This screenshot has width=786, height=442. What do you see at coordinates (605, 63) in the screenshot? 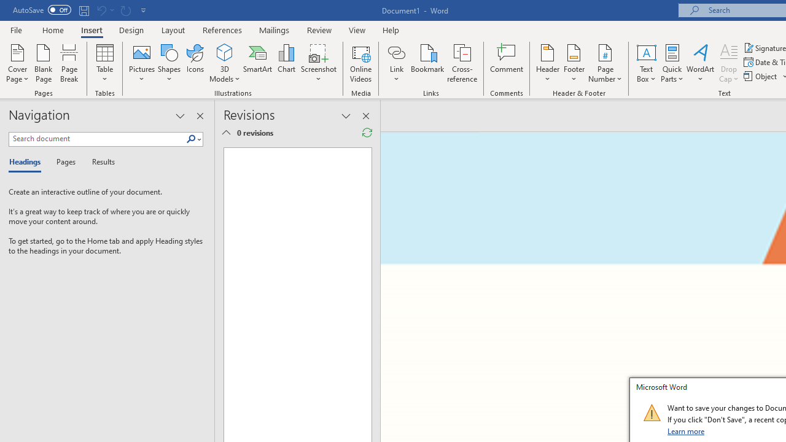
I see `'Page Number'` at bounding box center [605, 63].